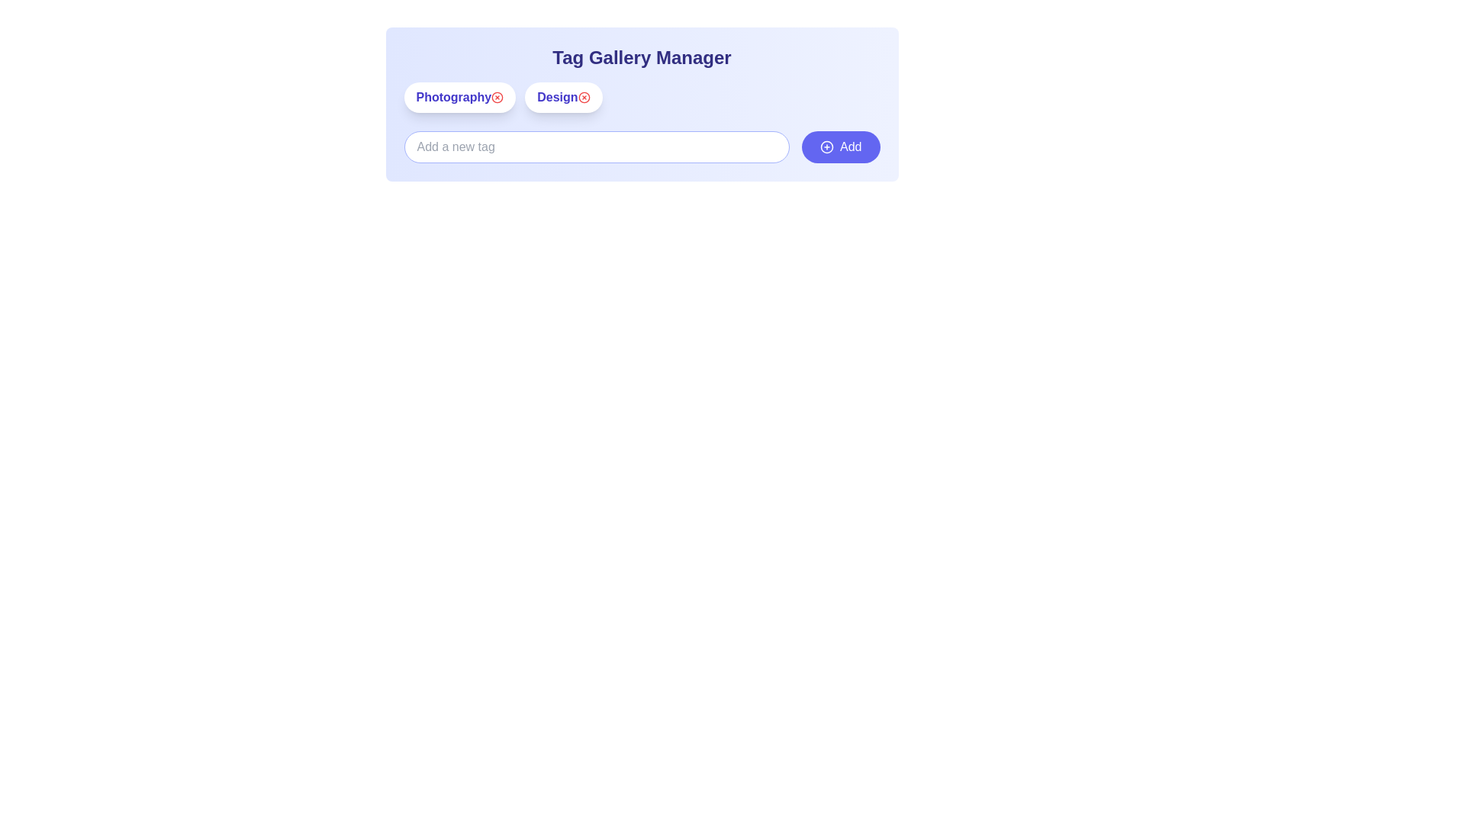 Image resolution: width=1465 pixels, height=824 pixels. I want to click on the rounded purple button with a white '+' icon and the text 'Add', so click(840, 146).